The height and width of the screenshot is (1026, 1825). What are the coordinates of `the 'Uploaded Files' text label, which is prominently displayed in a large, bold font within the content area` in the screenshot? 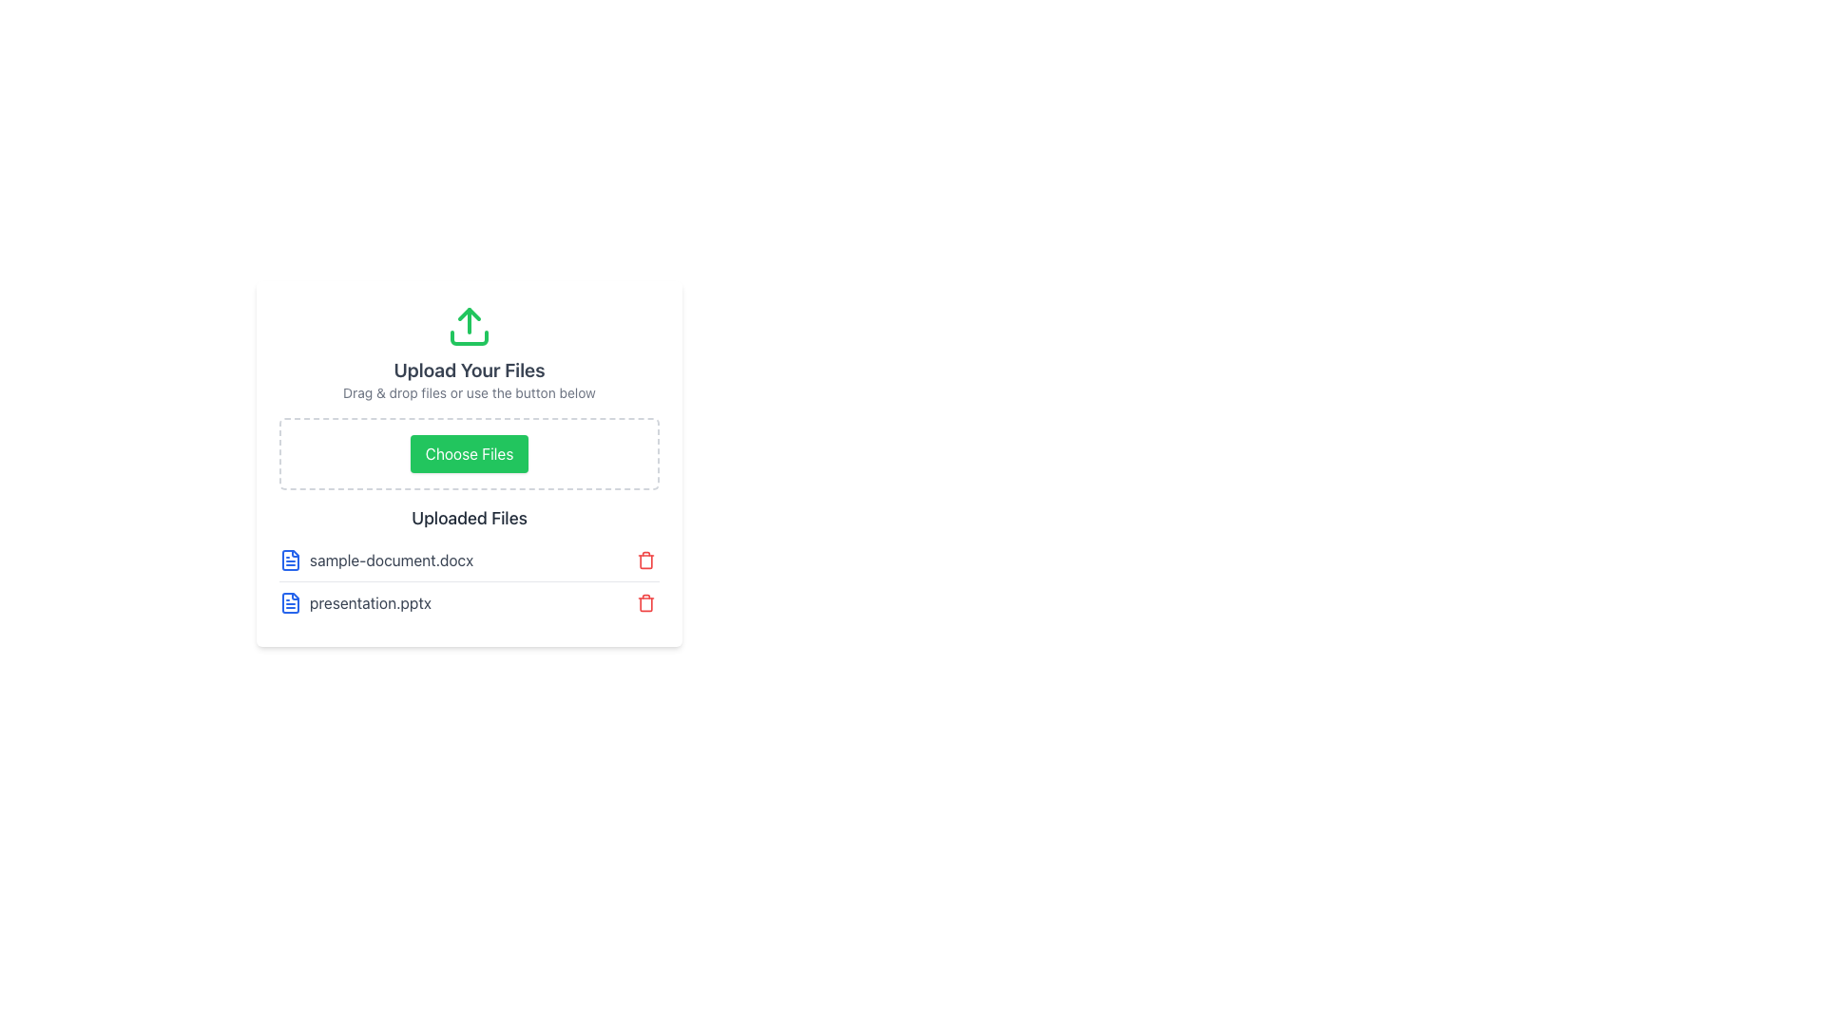 It's located at (470, 519).